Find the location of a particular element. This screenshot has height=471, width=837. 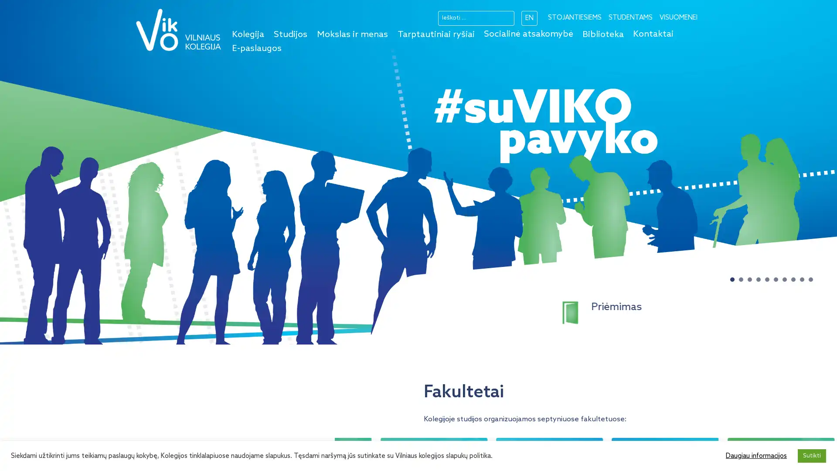

Mokslas ir menas is located at coordinates (352, 34).